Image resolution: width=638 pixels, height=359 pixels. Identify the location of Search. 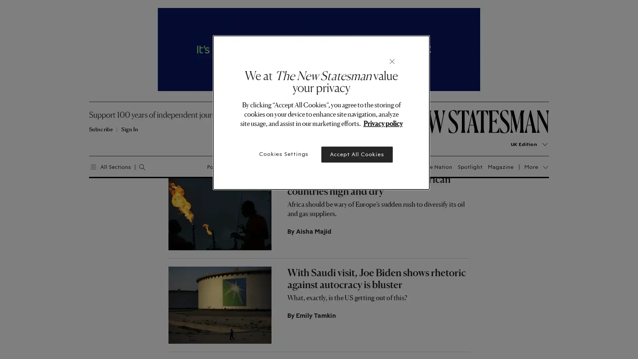
(135, 166).